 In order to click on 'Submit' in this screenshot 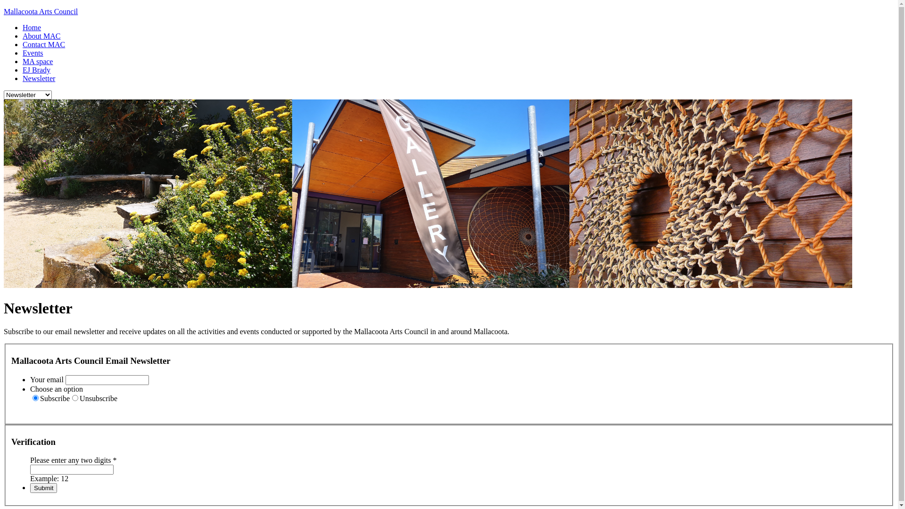, I will do `click(30, 488)`.